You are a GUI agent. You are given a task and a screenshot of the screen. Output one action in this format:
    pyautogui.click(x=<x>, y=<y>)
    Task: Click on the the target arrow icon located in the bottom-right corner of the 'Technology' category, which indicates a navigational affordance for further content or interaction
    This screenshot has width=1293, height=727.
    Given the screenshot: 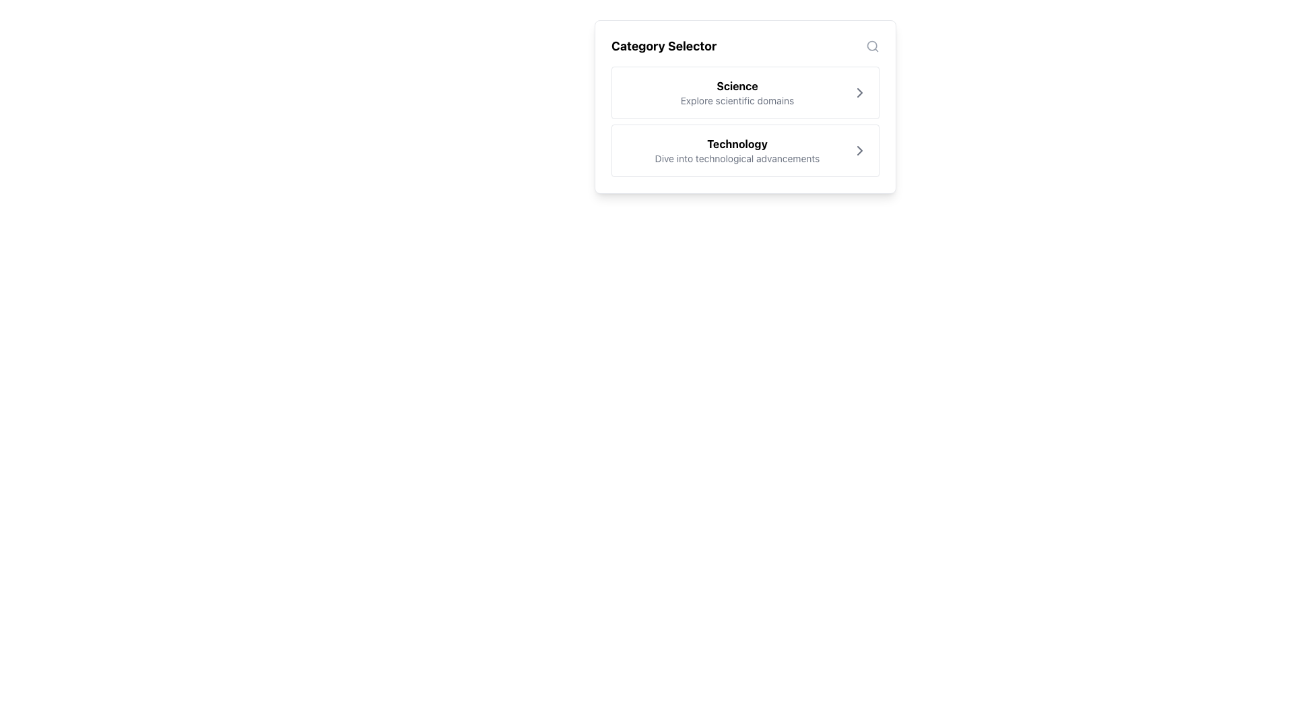 What is the action you would take?
    pyautogui.click(x=859, y=150)
    